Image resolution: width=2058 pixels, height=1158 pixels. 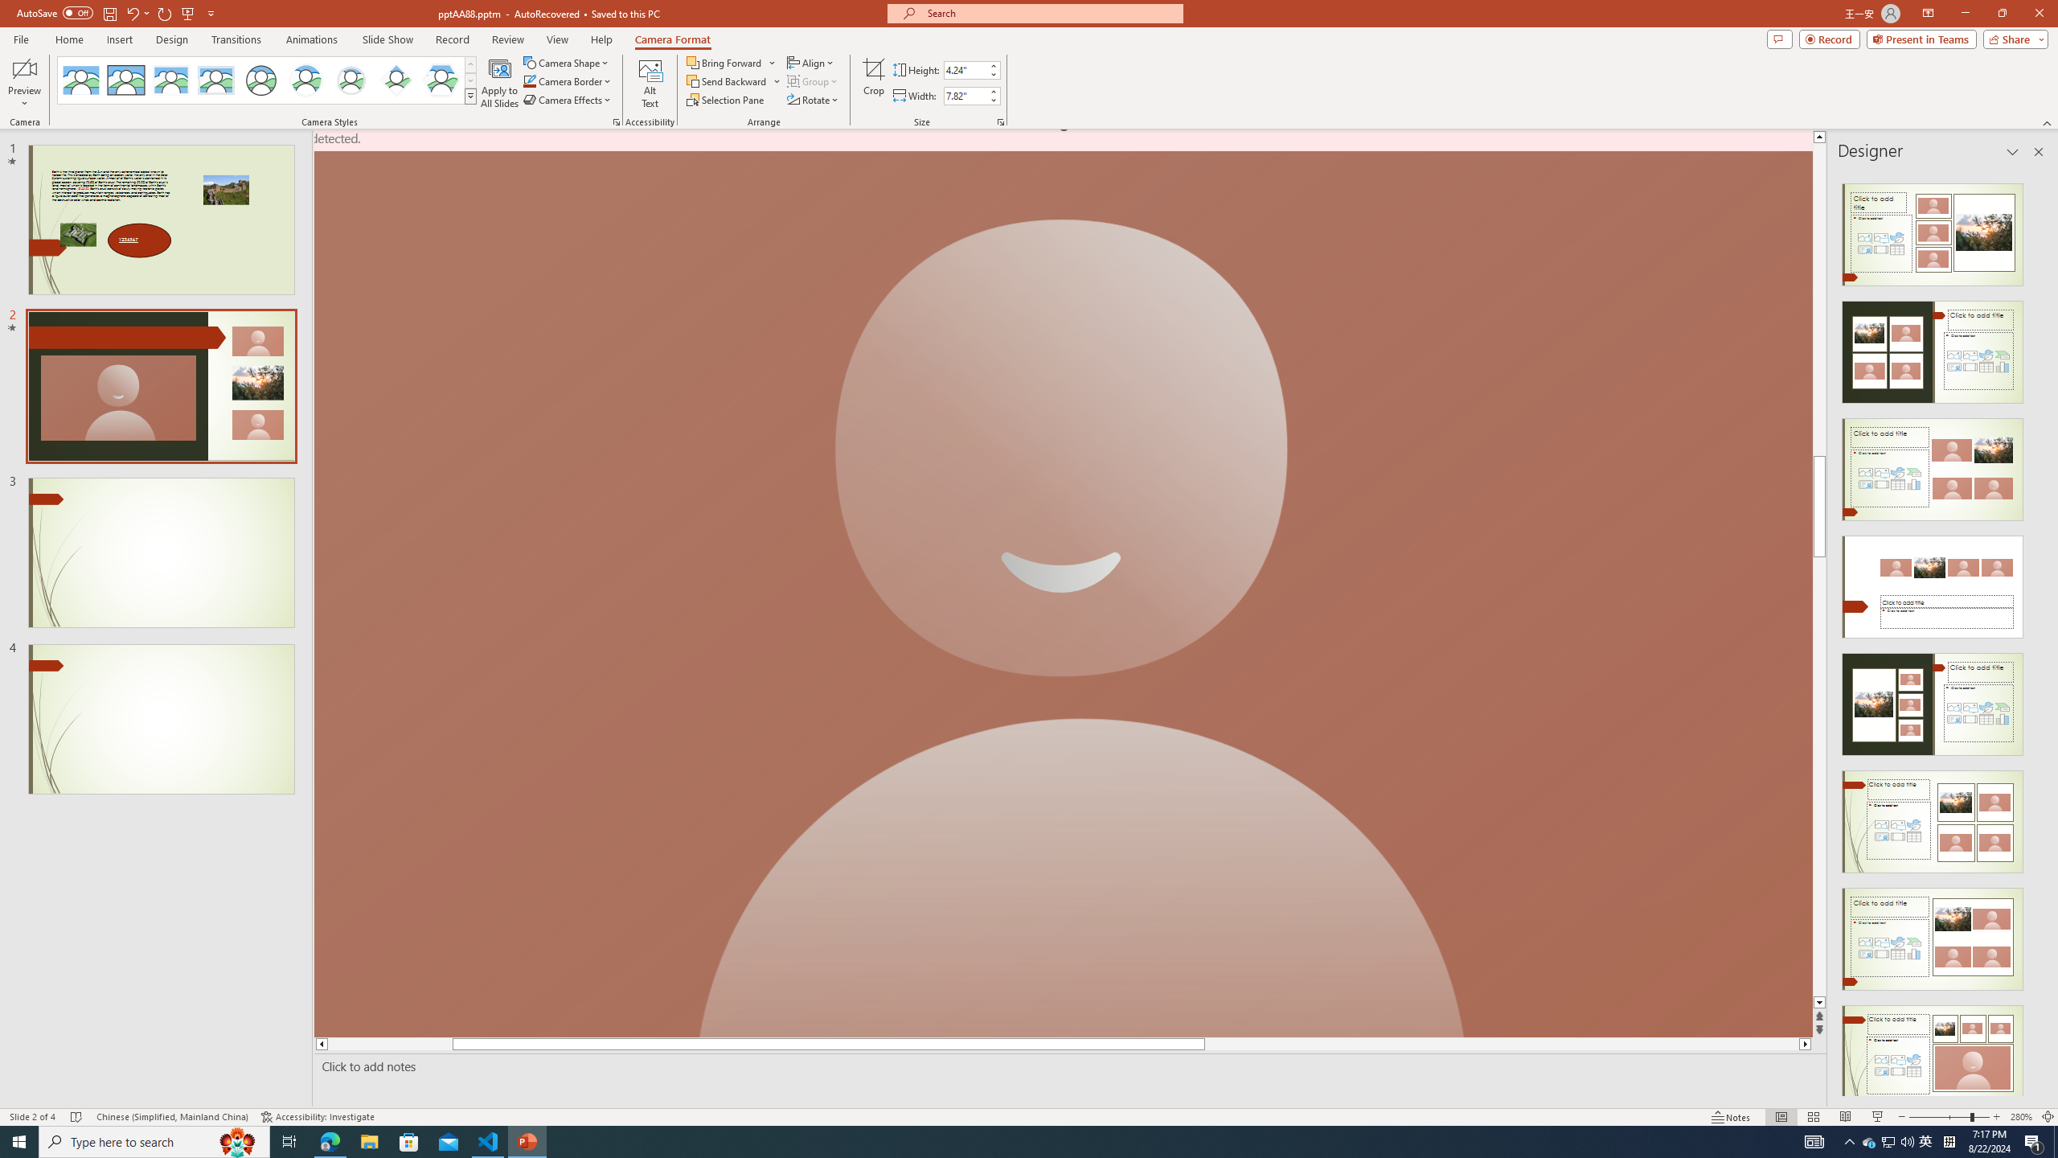 I want to click on 'Camera Format', so click(x=672, y=39).